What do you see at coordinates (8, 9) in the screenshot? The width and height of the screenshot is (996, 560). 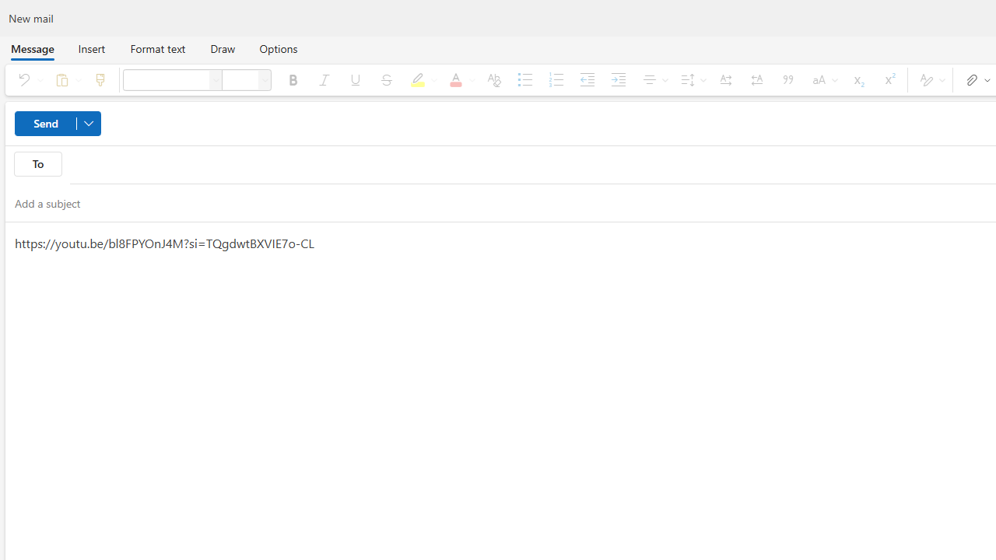 I see `'System'` at bounding box center [8, 9].